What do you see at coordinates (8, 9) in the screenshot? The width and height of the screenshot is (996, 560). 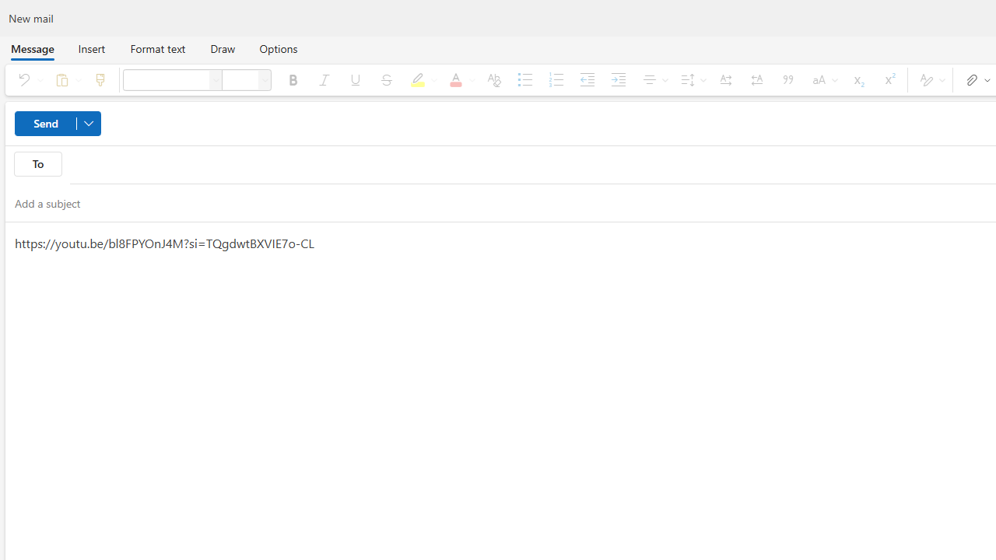 I see `'System'` at bounding box center [8, 9].